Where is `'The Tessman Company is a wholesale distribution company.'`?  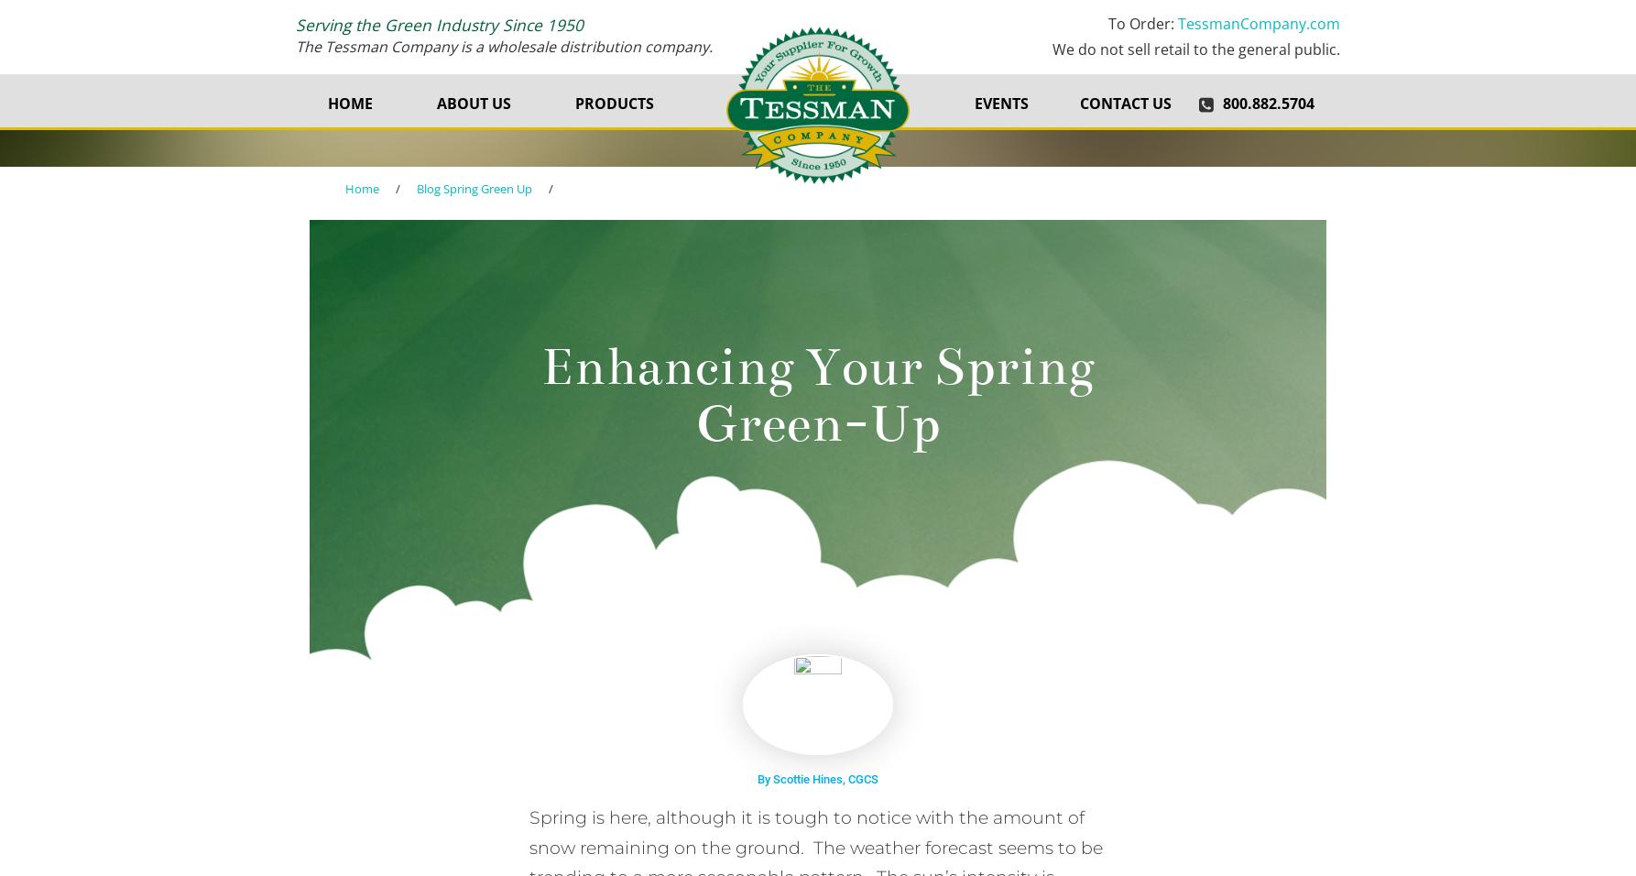
'The Tessman Company is a wholesale distribution company.' is located at coordinates (296, 44).